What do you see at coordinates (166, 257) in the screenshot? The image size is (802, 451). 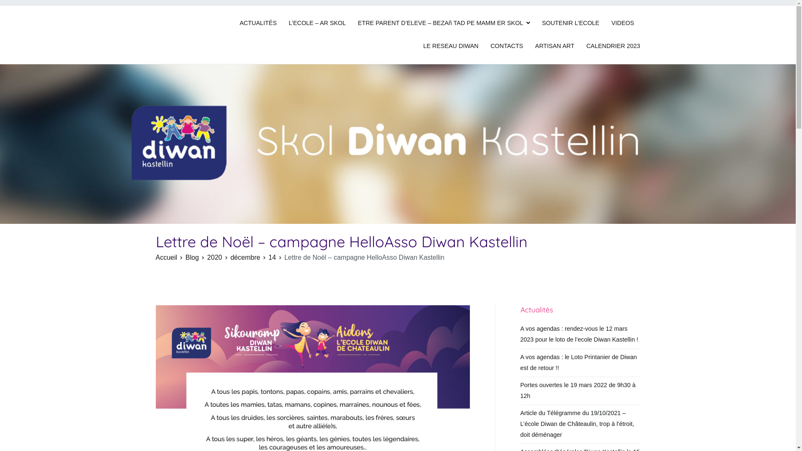 I see `'Accueil'` at bounding box center [166, 257].